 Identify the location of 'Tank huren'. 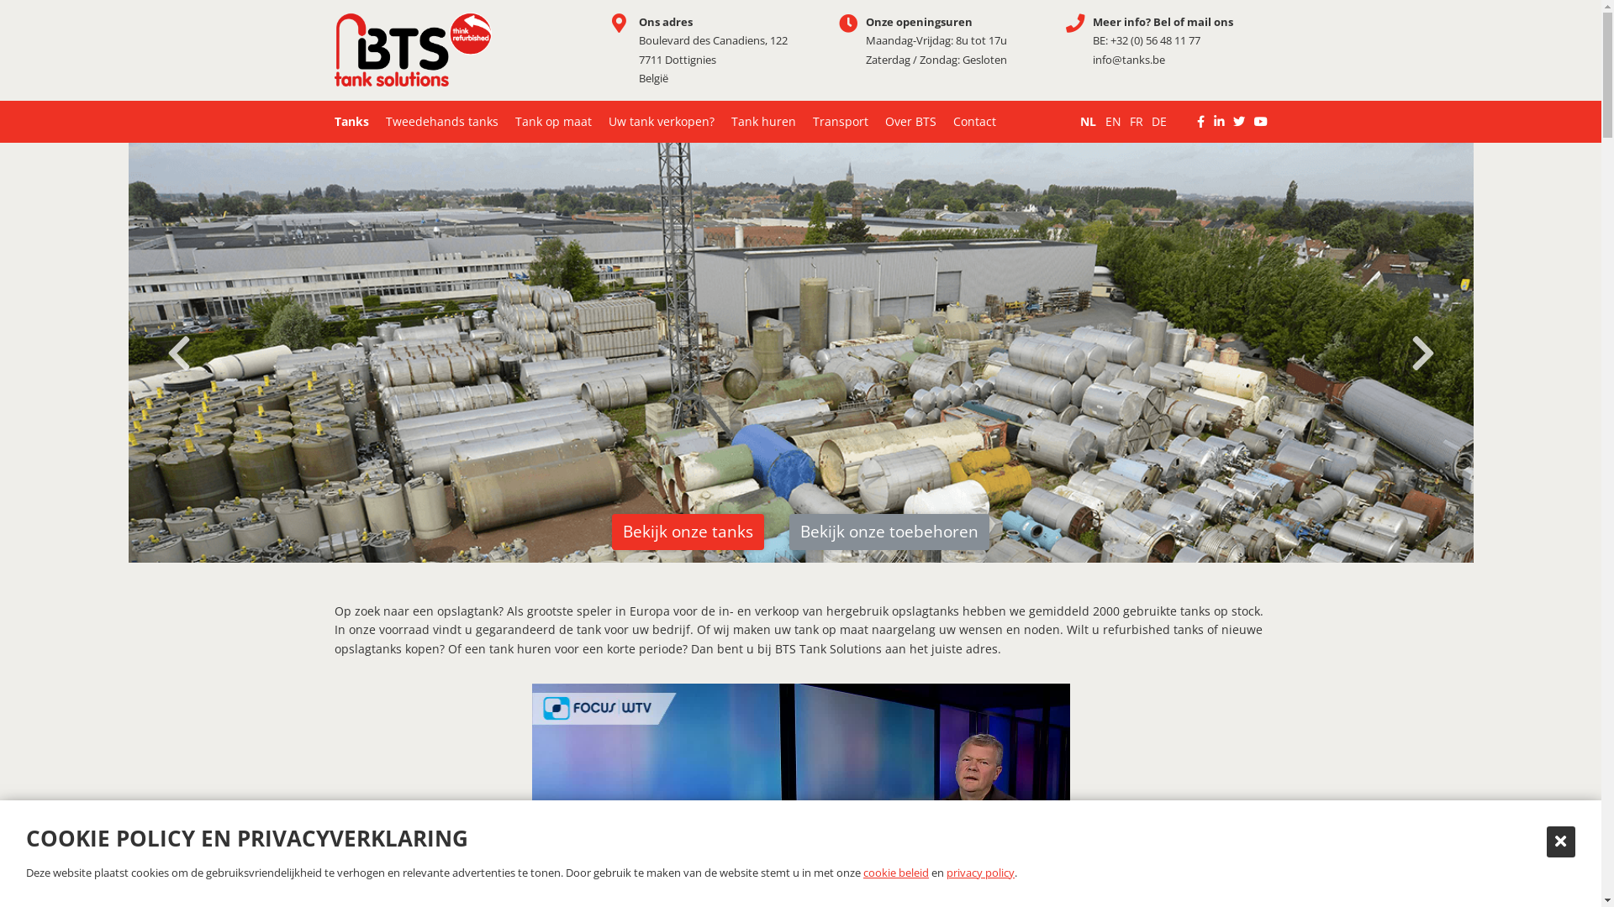
(762, 121).